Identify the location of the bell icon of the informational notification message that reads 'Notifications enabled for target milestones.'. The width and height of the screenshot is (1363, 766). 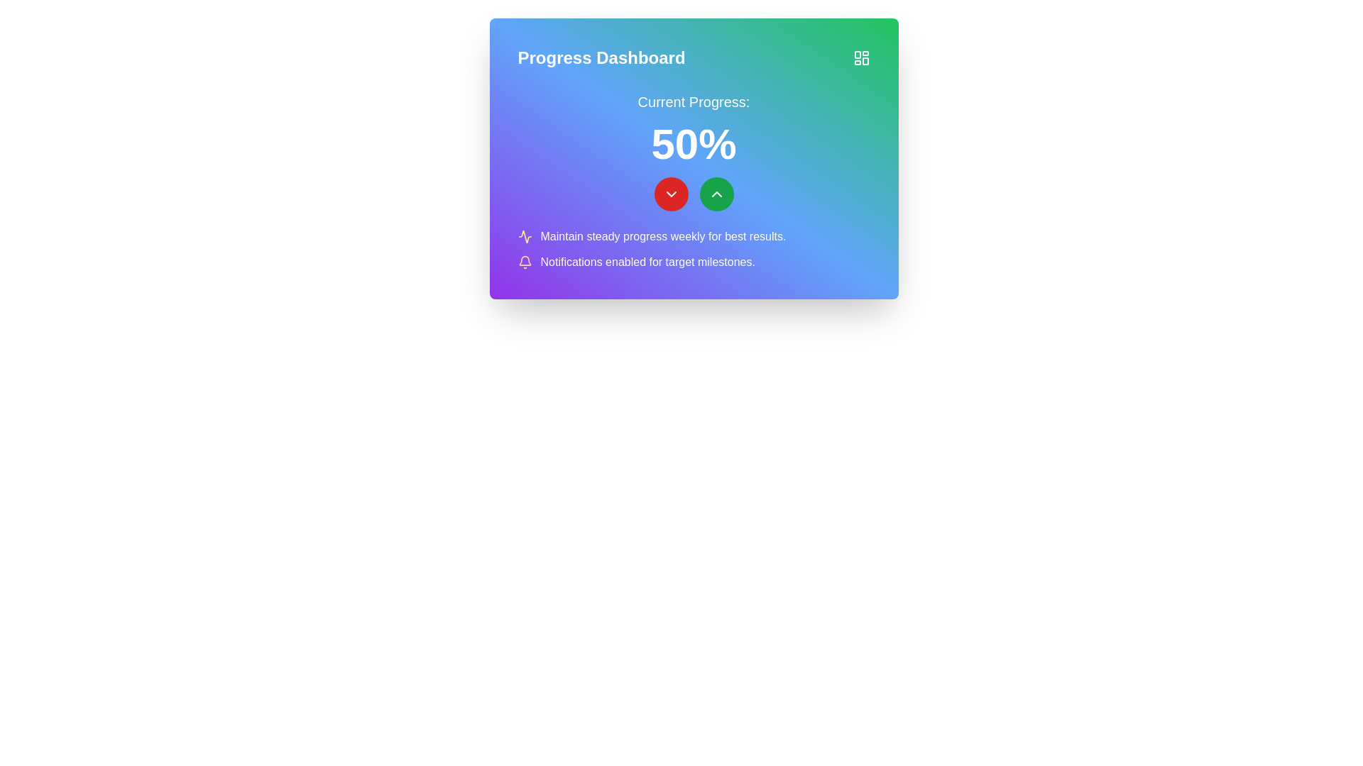
(694, 262).